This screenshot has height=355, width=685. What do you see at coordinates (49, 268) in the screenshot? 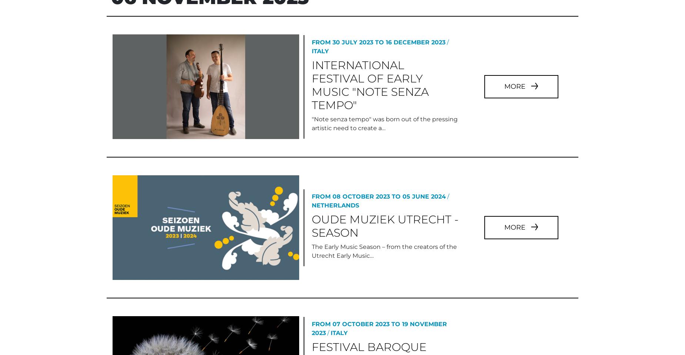
I see `'This website uses cookies'` at bounding box center [49, 268].